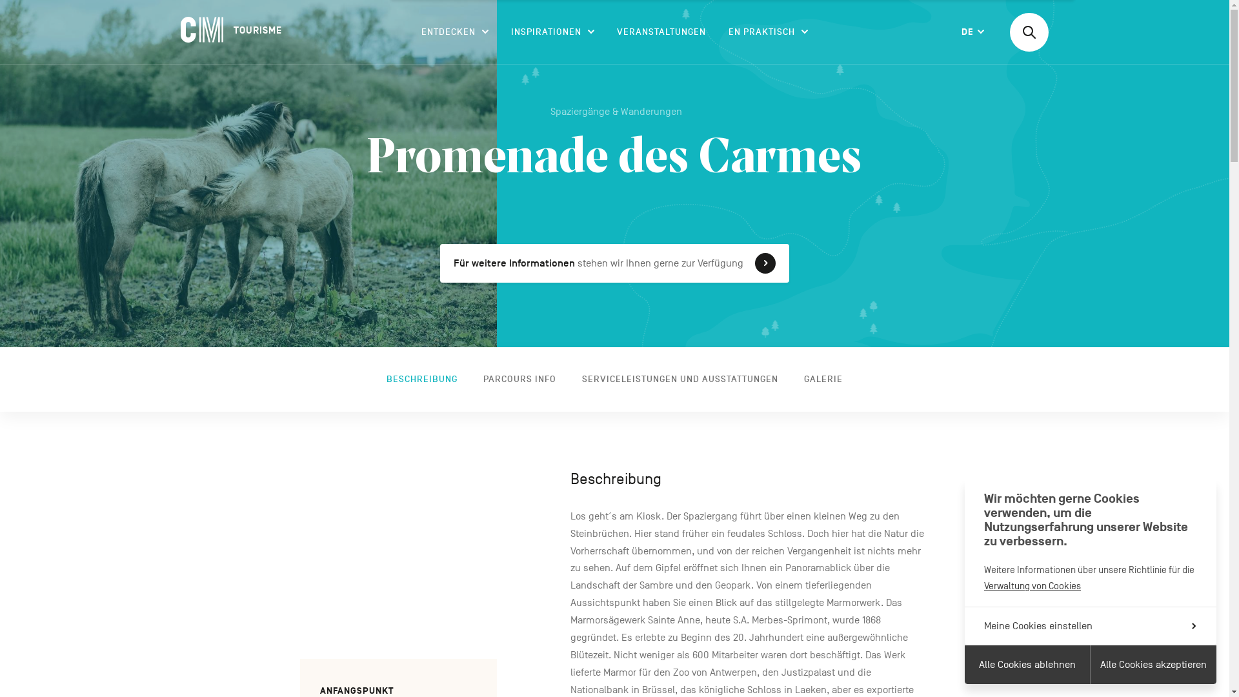 The width and height of the screenshot is (1239, 697). Describe the element at coordinates (552, 32) in the screenshot. I see `'INSPIRATIONEN'` at that location.